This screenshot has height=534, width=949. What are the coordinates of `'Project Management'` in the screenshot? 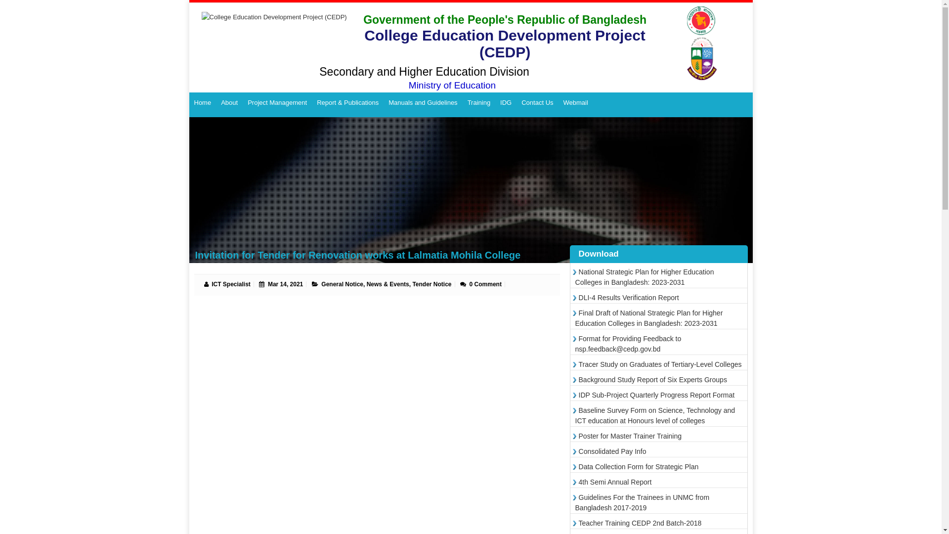 It's located at (277, 103).